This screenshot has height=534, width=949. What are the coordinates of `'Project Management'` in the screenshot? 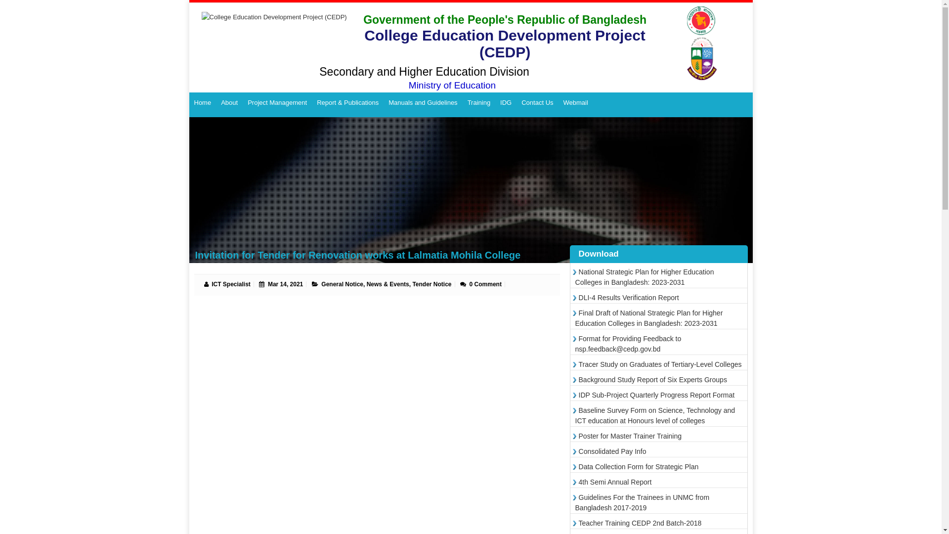 It's located at (277, 103).